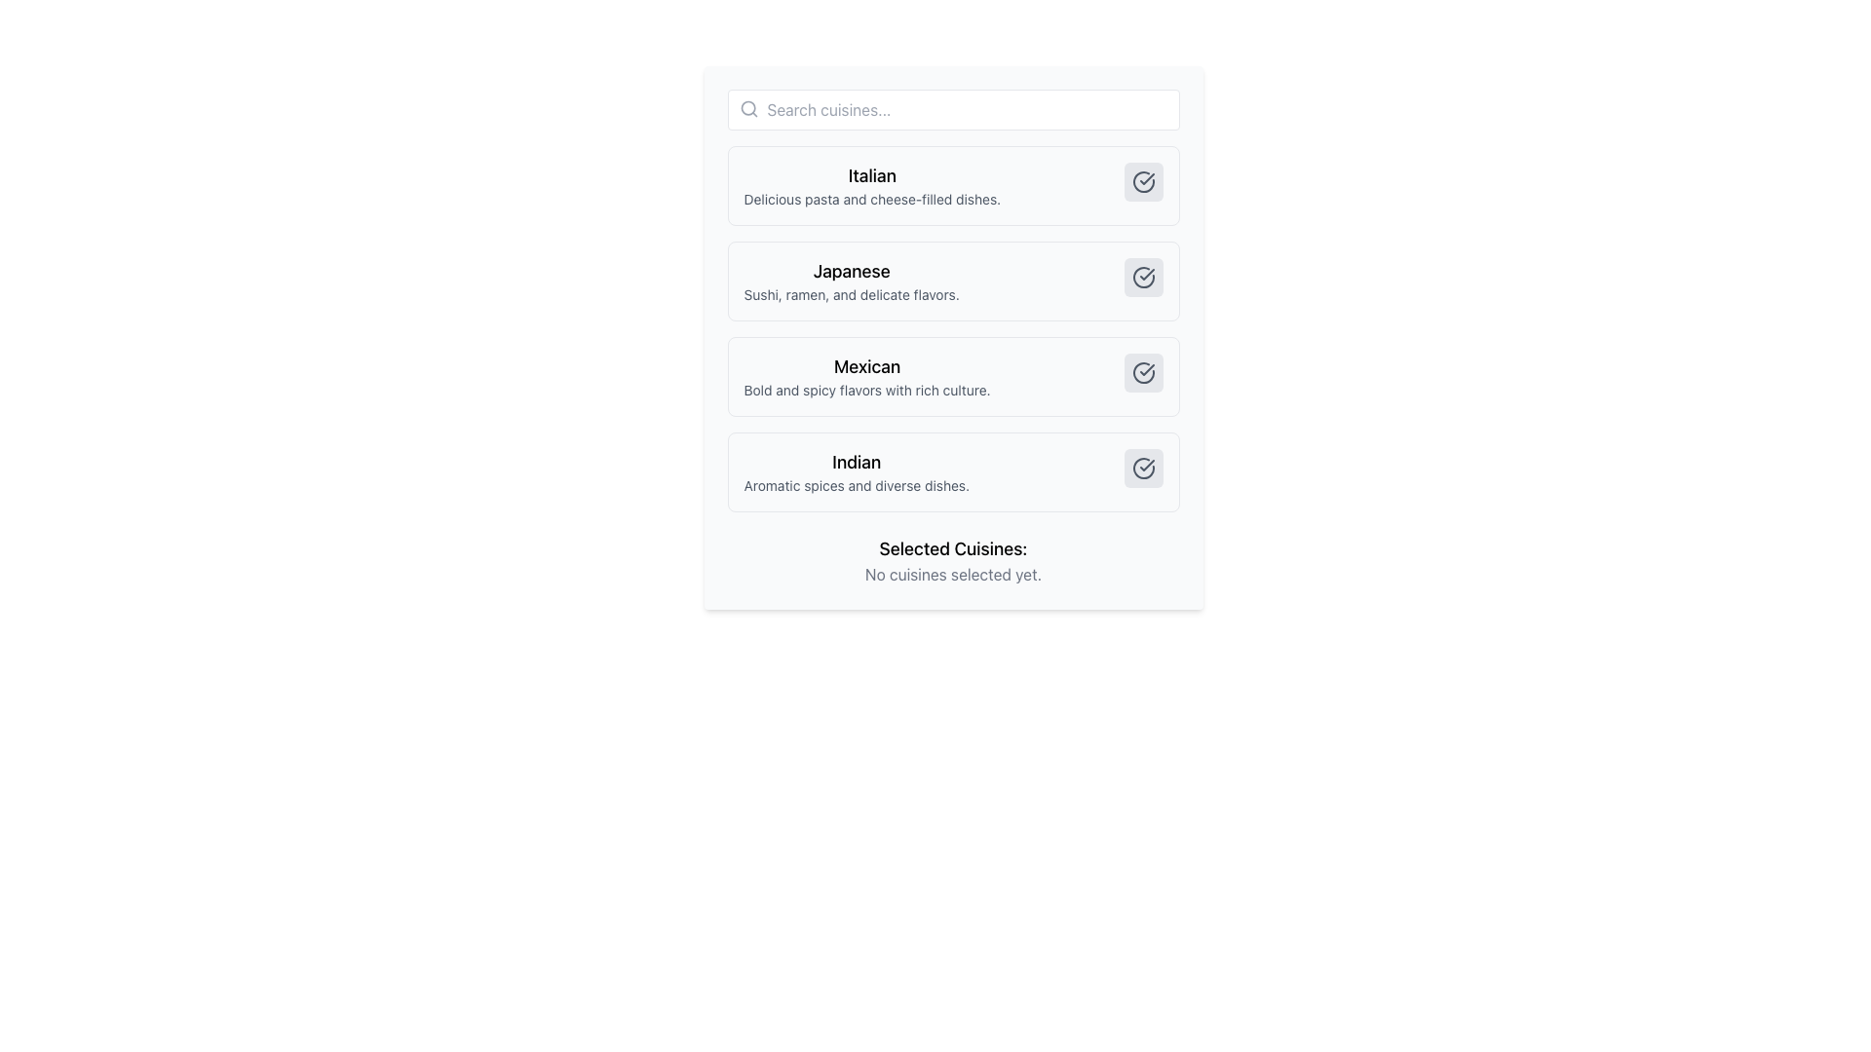 The image size is (1871, 1052). What do you see at coordinates (857, 472) in the screenshot?
I see `the fourth item in the cuisine options list, which is the label describing 'Indian' cuisine` at bounding box center [857, 472].